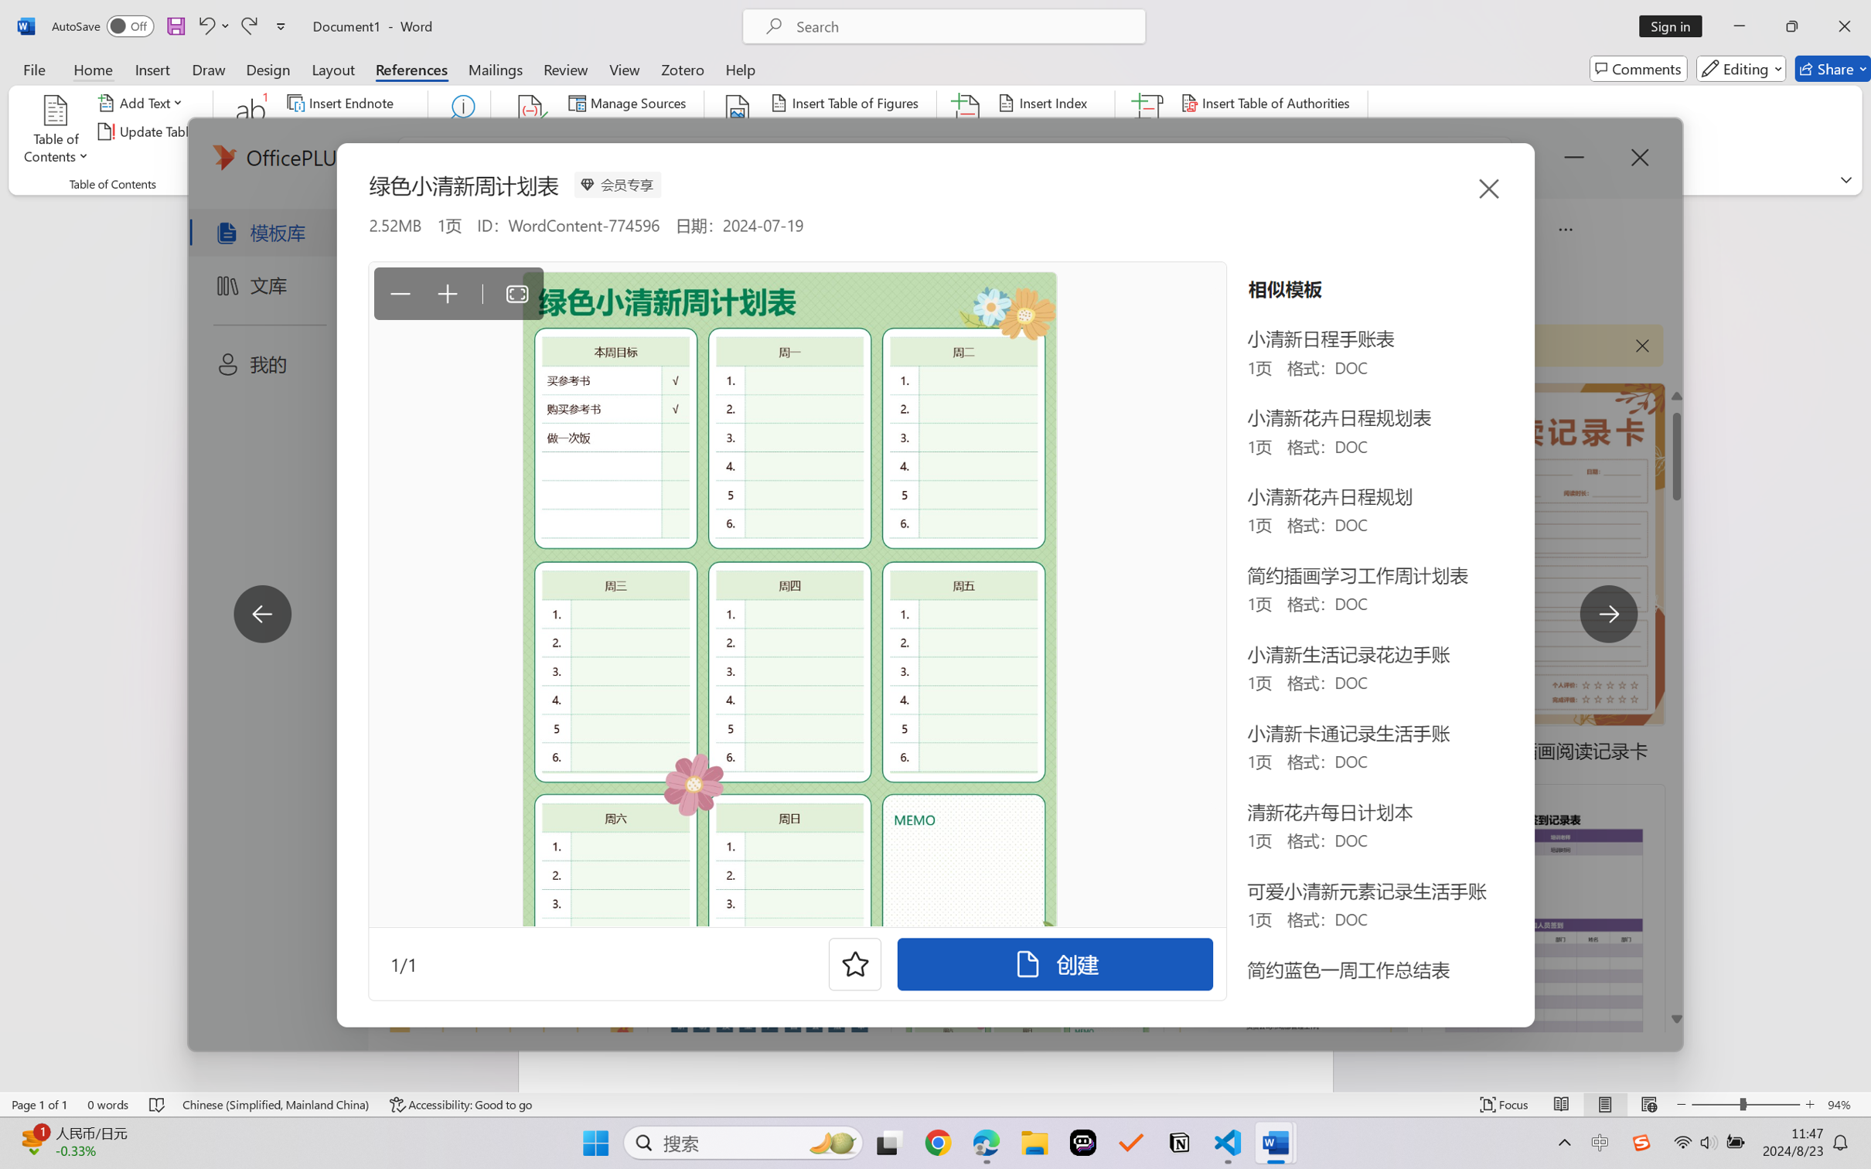 The image size is (1871, 1169). I want to click on 'Insert Endnote', so click(341, 101).